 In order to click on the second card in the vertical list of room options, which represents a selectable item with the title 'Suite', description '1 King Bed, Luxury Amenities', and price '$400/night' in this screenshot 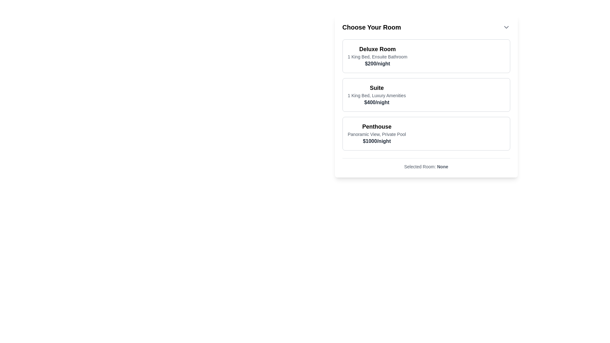, I will do `click(426, 95)`.